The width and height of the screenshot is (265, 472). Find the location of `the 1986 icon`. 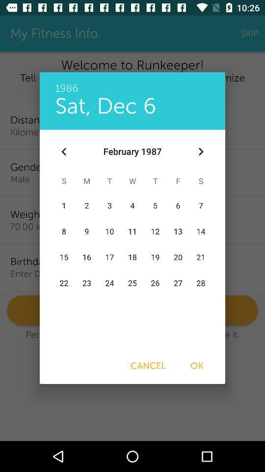

the 1986 icon is located at coordinates (132, 83).